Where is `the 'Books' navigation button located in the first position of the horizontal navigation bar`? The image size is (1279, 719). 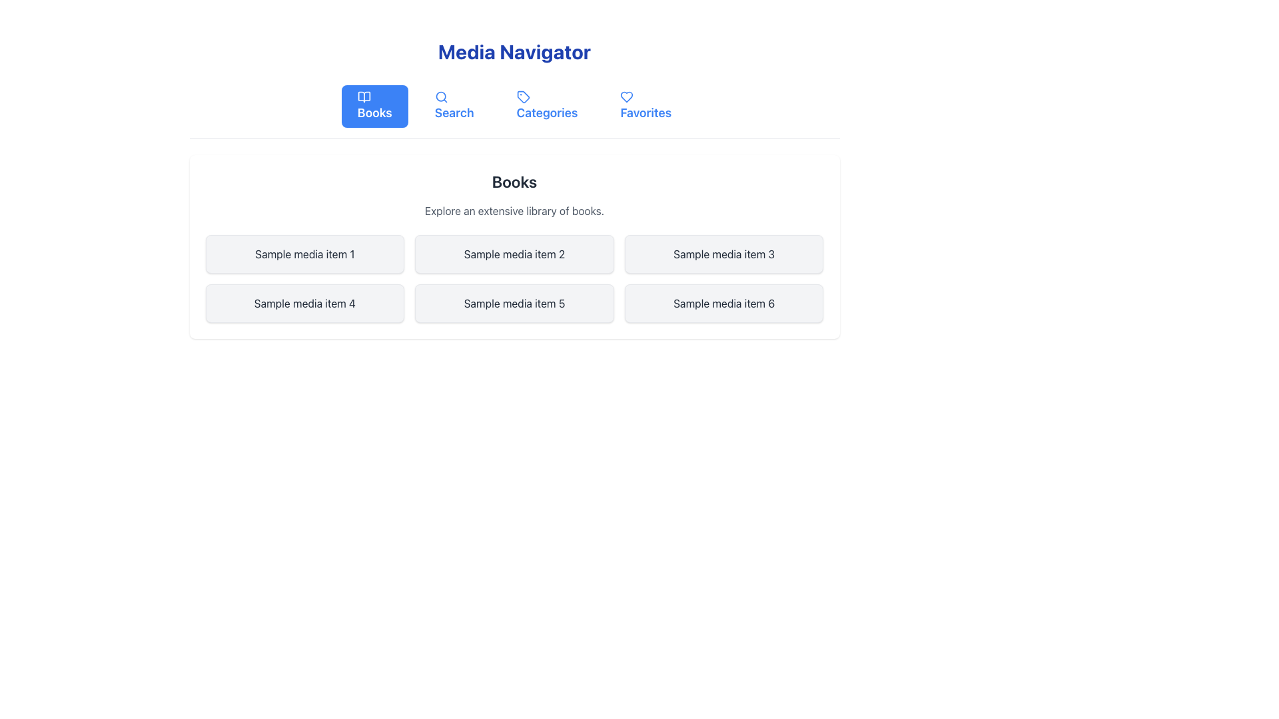
the 'Books' navigation button located in the first position of the horizontal navigation bar is located at coordinates (373, 105).